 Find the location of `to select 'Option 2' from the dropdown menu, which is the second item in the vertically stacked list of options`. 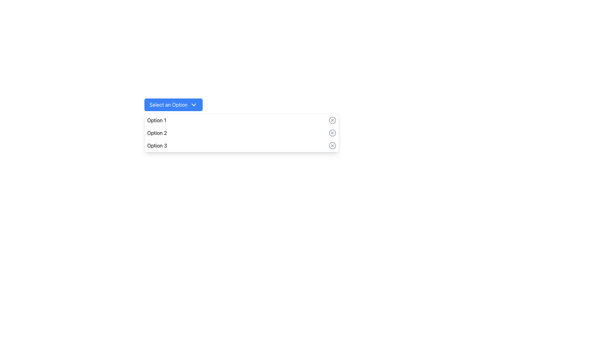

to select 'Option 2' from the dropdown menu, which is the second item in the vertically stacked list of options is located at coordinates (241, 133).